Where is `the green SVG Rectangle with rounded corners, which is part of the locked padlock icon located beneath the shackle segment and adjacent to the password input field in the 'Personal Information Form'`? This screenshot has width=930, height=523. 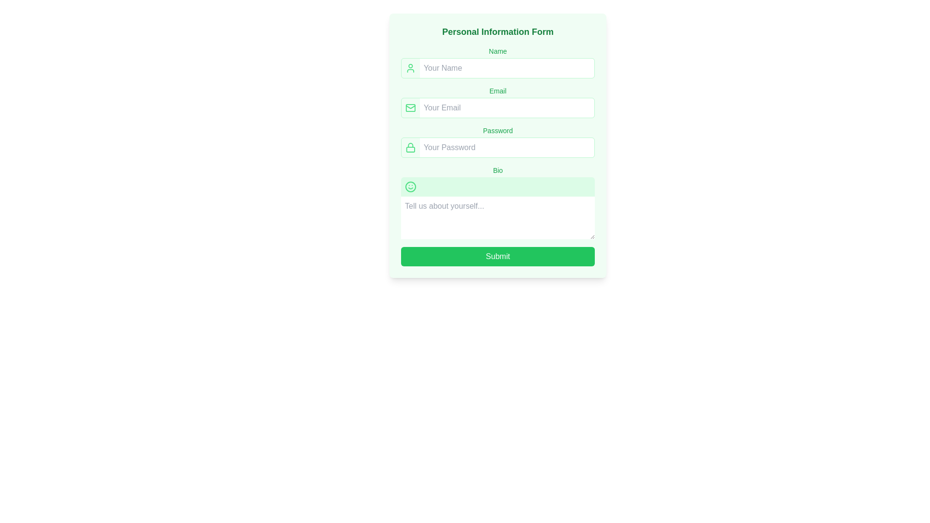
the green SVG Rectangle with rounded corners, which is part of the locked padlock icon located beneath the shackle segment and adjacent to the password input field in the 'Personal Information Form' is located at coordinates (410, 150).